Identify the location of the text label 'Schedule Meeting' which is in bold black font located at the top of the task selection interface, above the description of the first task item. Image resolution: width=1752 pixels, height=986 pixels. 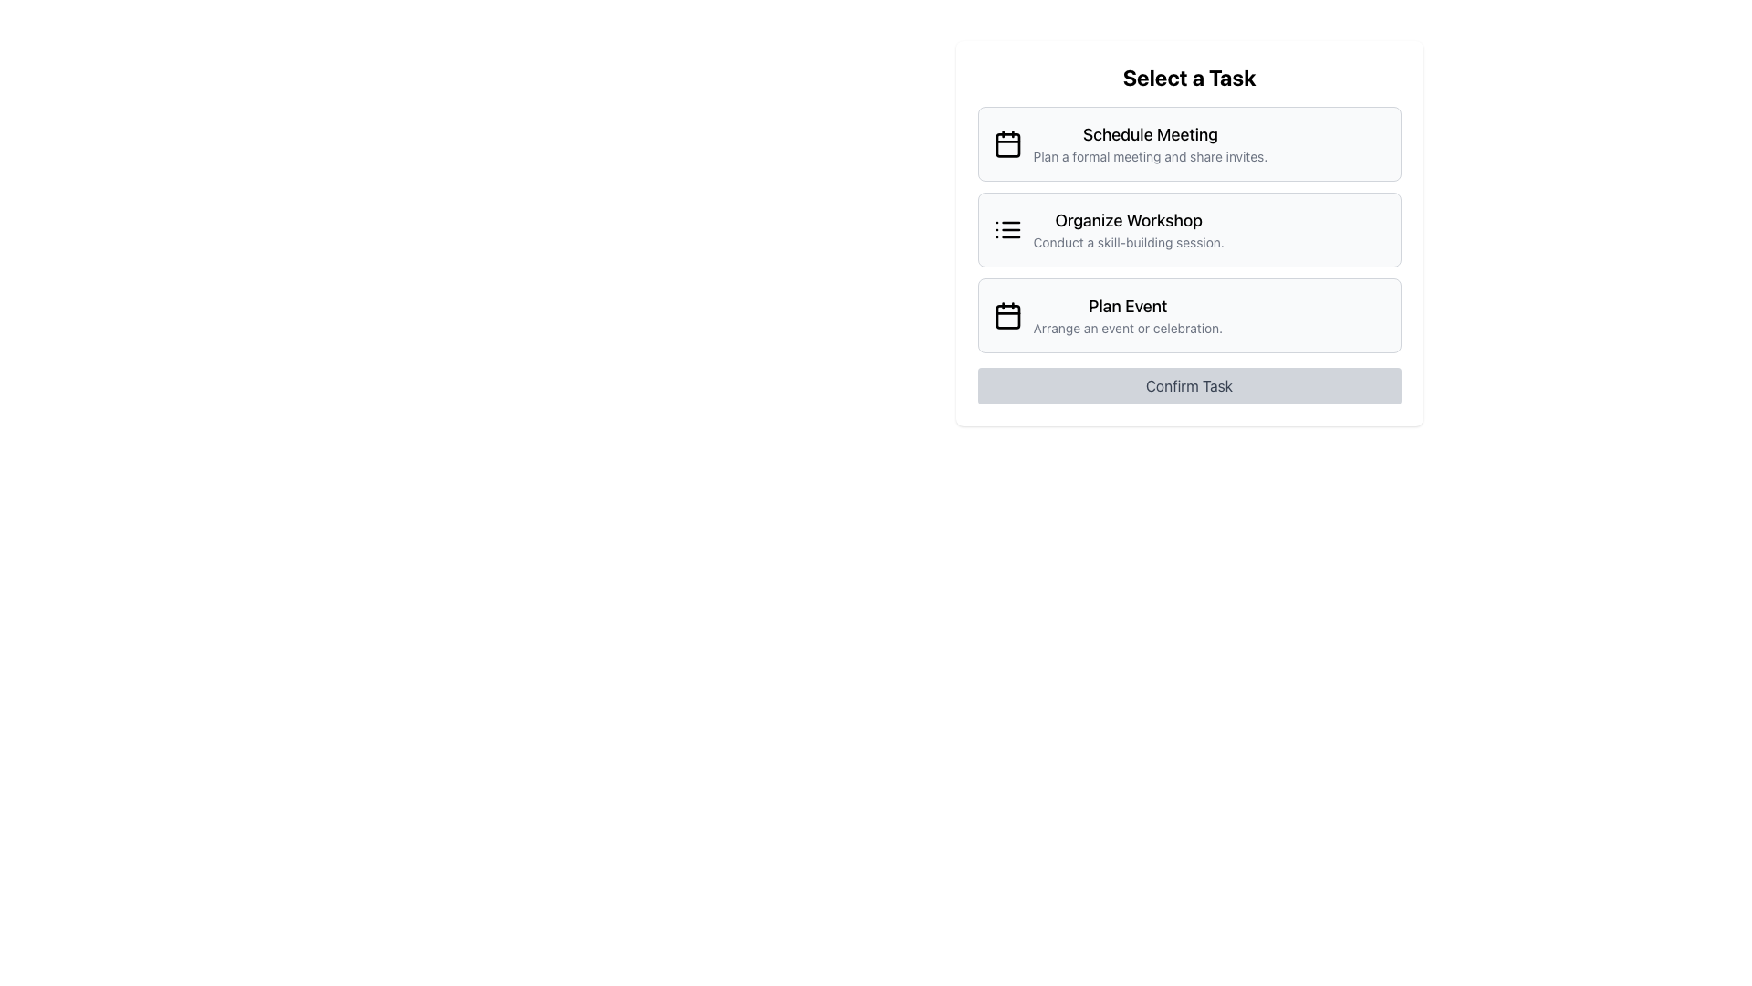
(1149, 133).